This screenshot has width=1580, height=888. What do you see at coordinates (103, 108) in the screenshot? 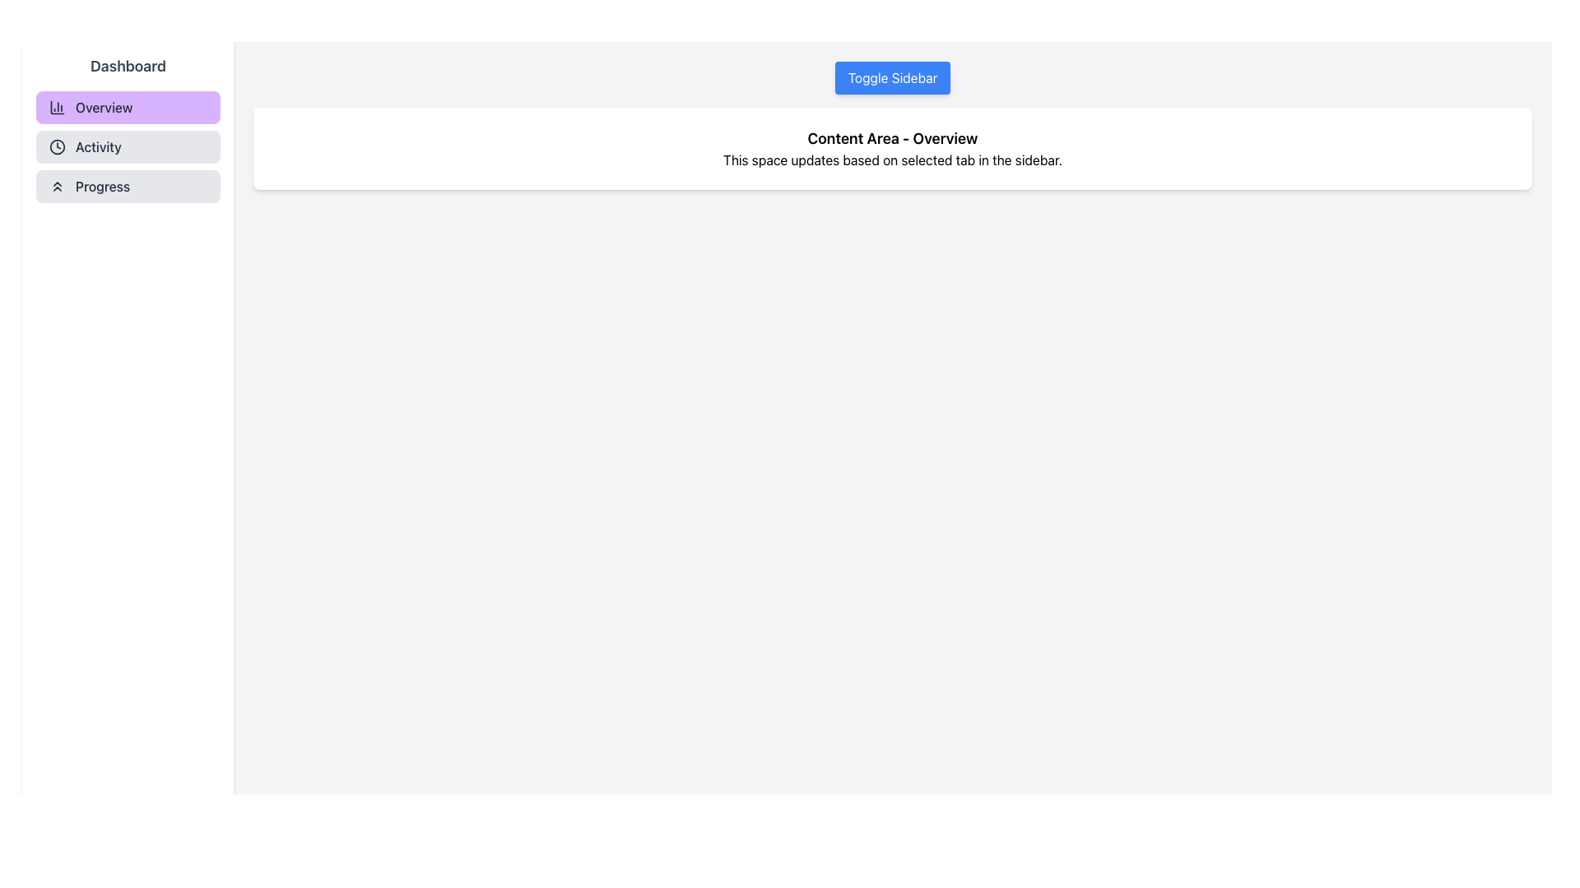
I see `the 'Overview' navigation option label located in the left sidebar of the application` at bounding box center [103, 108].